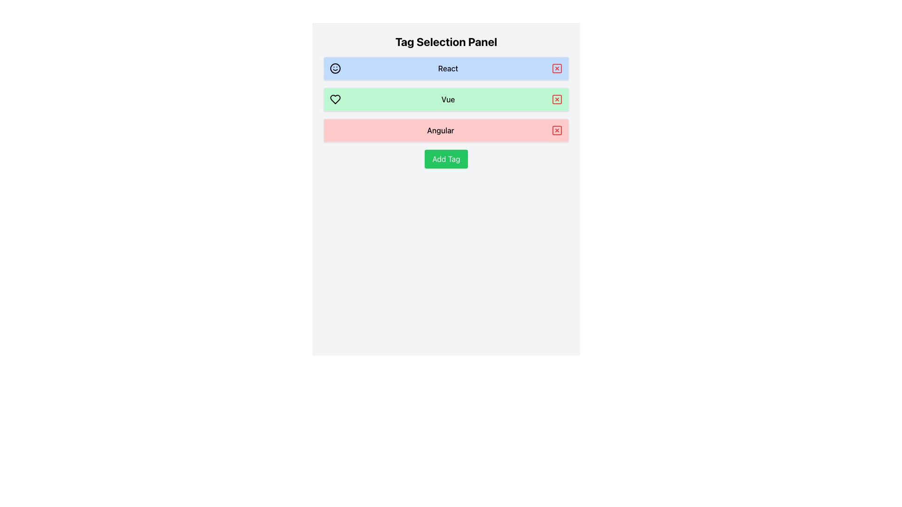 This screenshot has height=507, width=902. Describe the element at coordinates (335, 100) in the screenshot. I see `the heart-shaped icon located within the green rectangular area labeled 'Vue' to interact with the tag` at that location.